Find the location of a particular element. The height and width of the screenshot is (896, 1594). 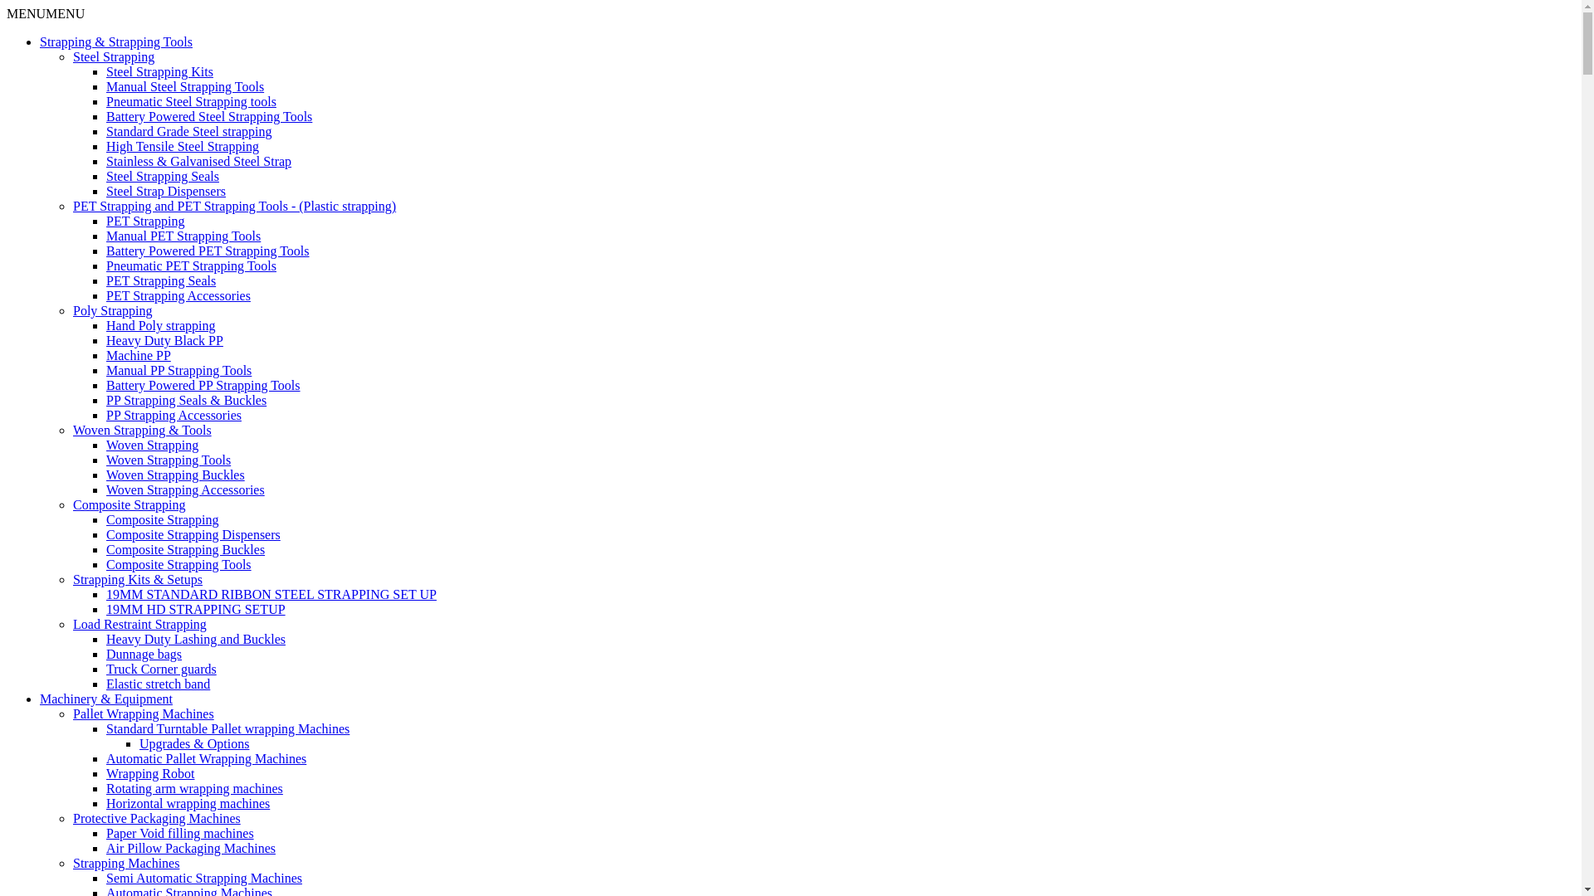

'Upgrades & Options' is located at coordinates (194, 743).